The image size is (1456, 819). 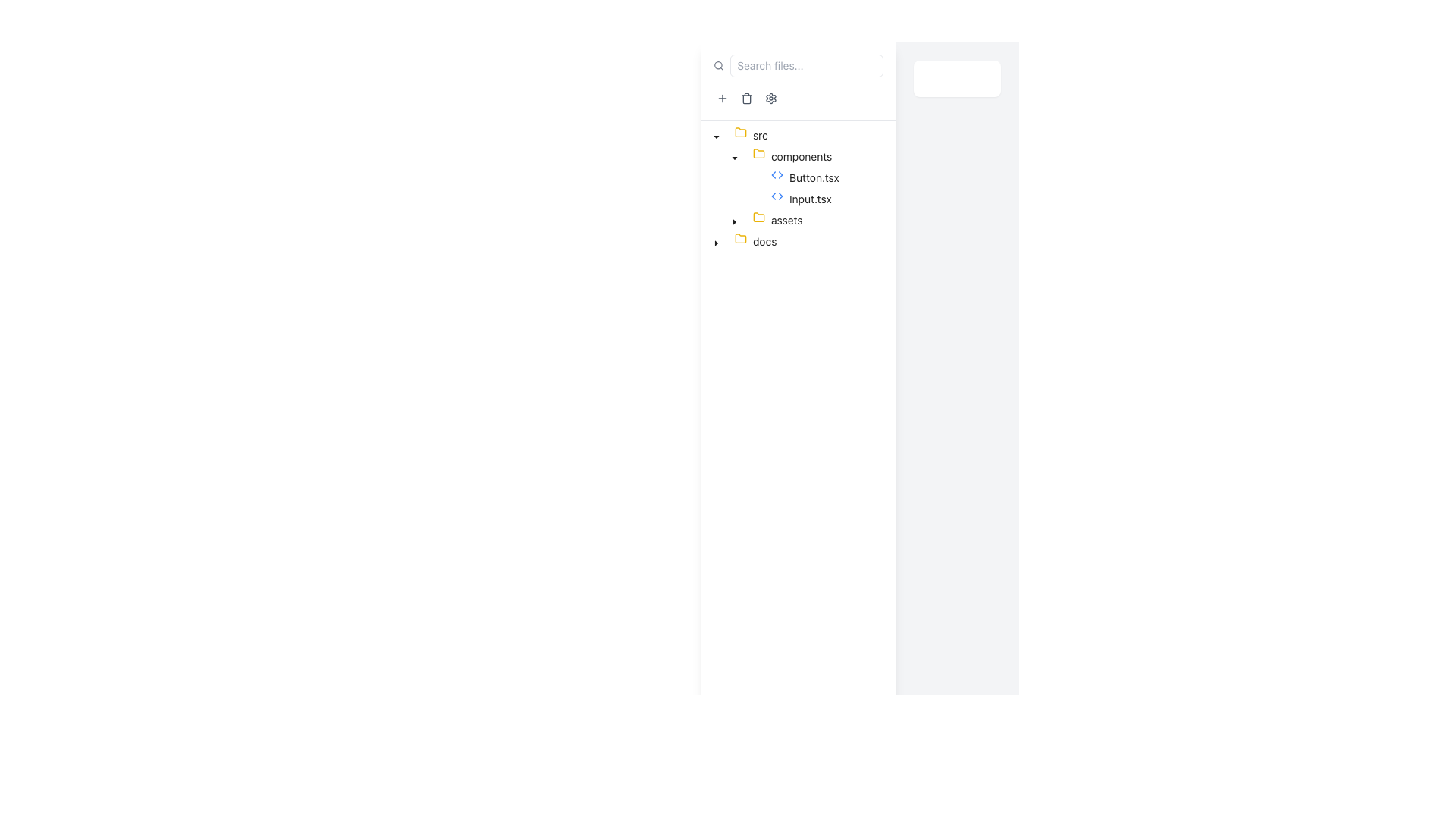 What do you see at coordinates (753, 198) in the screenshot?
I see `the Tree switcher or toggle indicator located next to the 'Input.tsx' text in the hierarchical navigation tree` at bounding box center [753, 198].